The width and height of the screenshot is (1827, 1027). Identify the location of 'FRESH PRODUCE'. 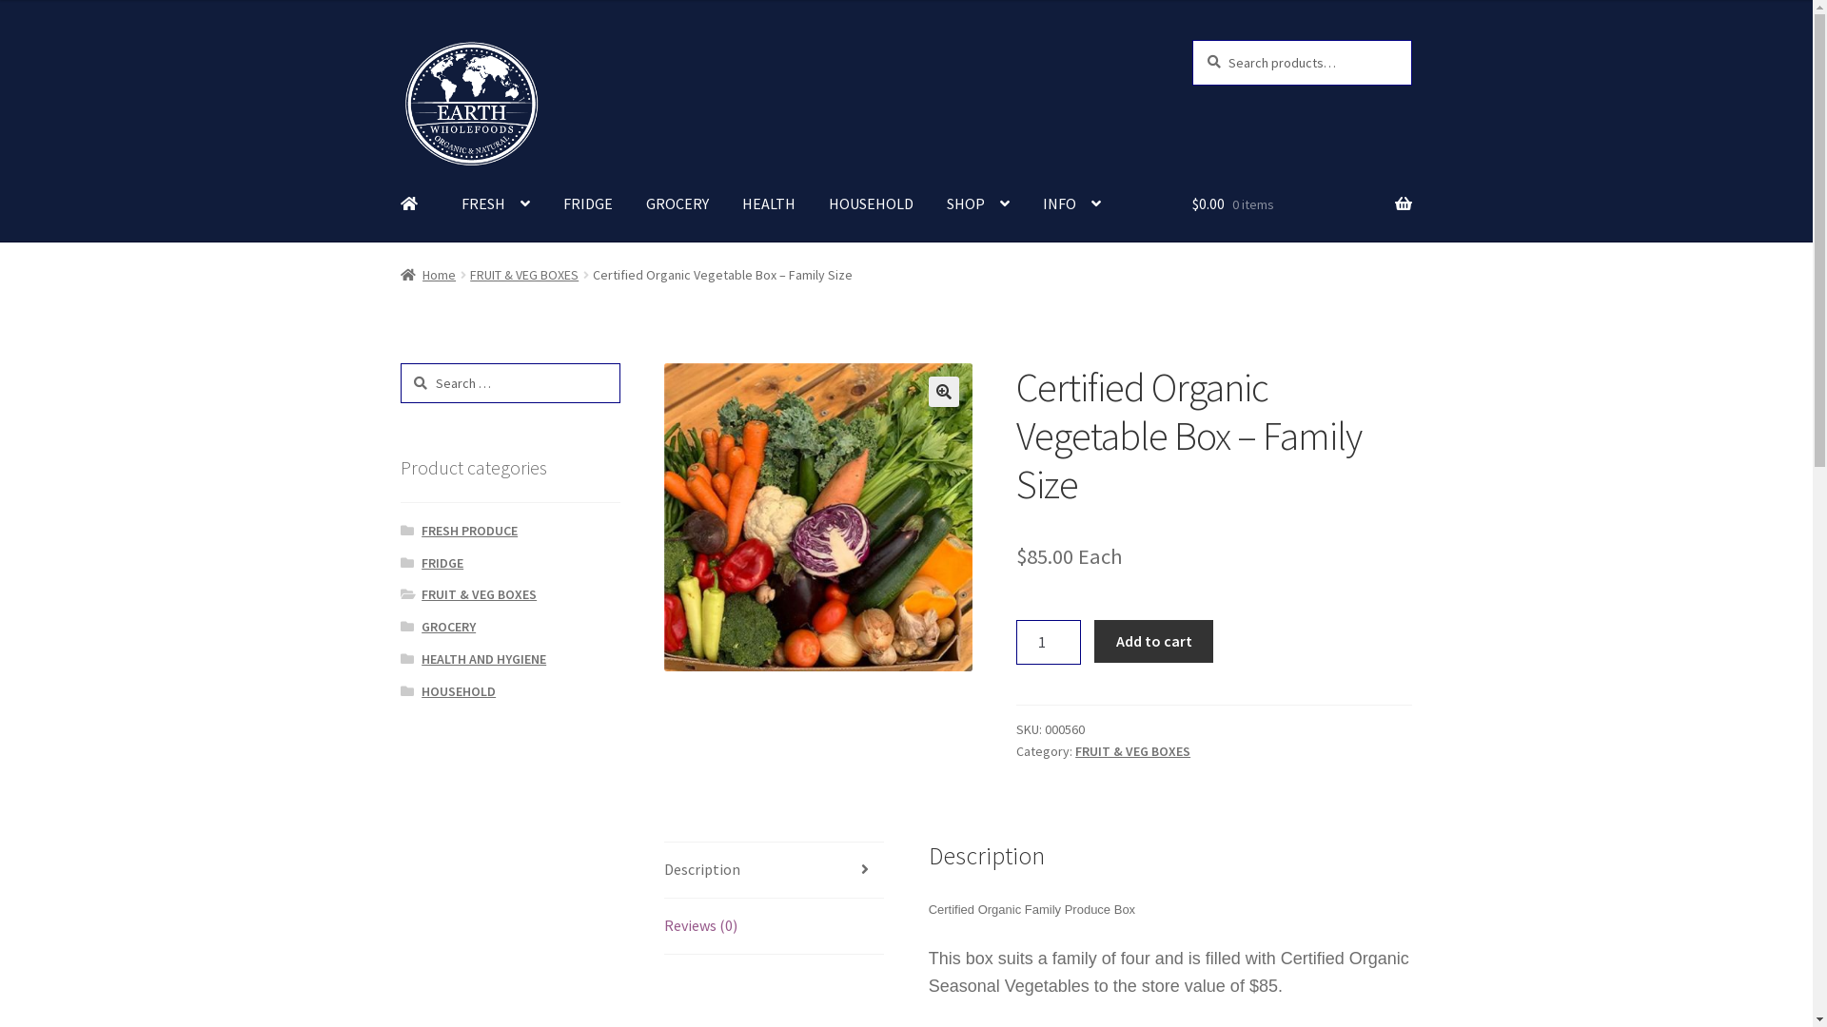
(469, 531).